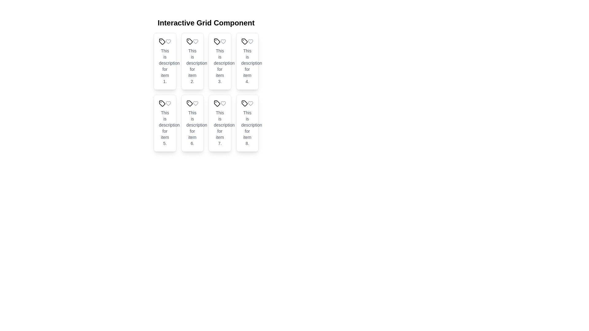 The width and height of the screenshot is (589, 331). What do you see at coordinates (189, 41) in the screenshot?
I see `the SVG graphic shaped as a tag, which represents a tag-related action for the 'Tile 2' item, located in the top row, second column of the grid layout` at bounding box center [189, 41].